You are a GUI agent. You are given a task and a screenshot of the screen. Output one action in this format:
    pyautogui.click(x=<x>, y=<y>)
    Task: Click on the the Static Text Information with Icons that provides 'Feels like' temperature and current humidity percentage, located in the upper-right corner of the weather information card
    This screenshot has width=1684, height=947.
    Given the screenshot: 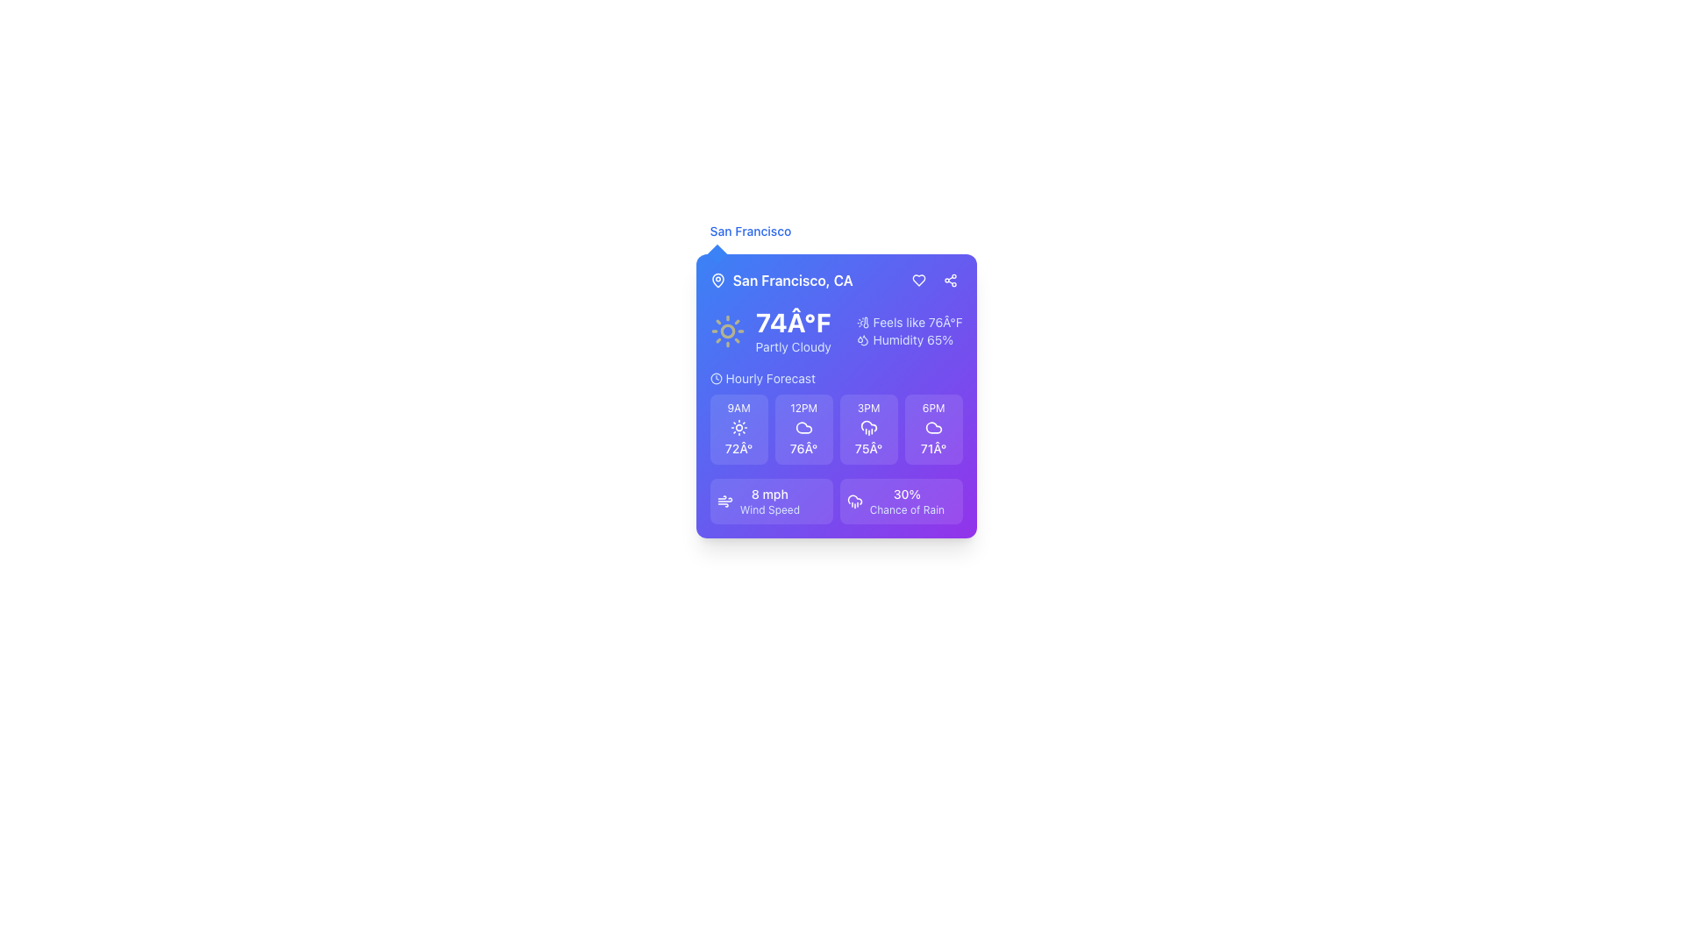 What is the action you would take?
    pyautogui.click(x=910, y=331)
    